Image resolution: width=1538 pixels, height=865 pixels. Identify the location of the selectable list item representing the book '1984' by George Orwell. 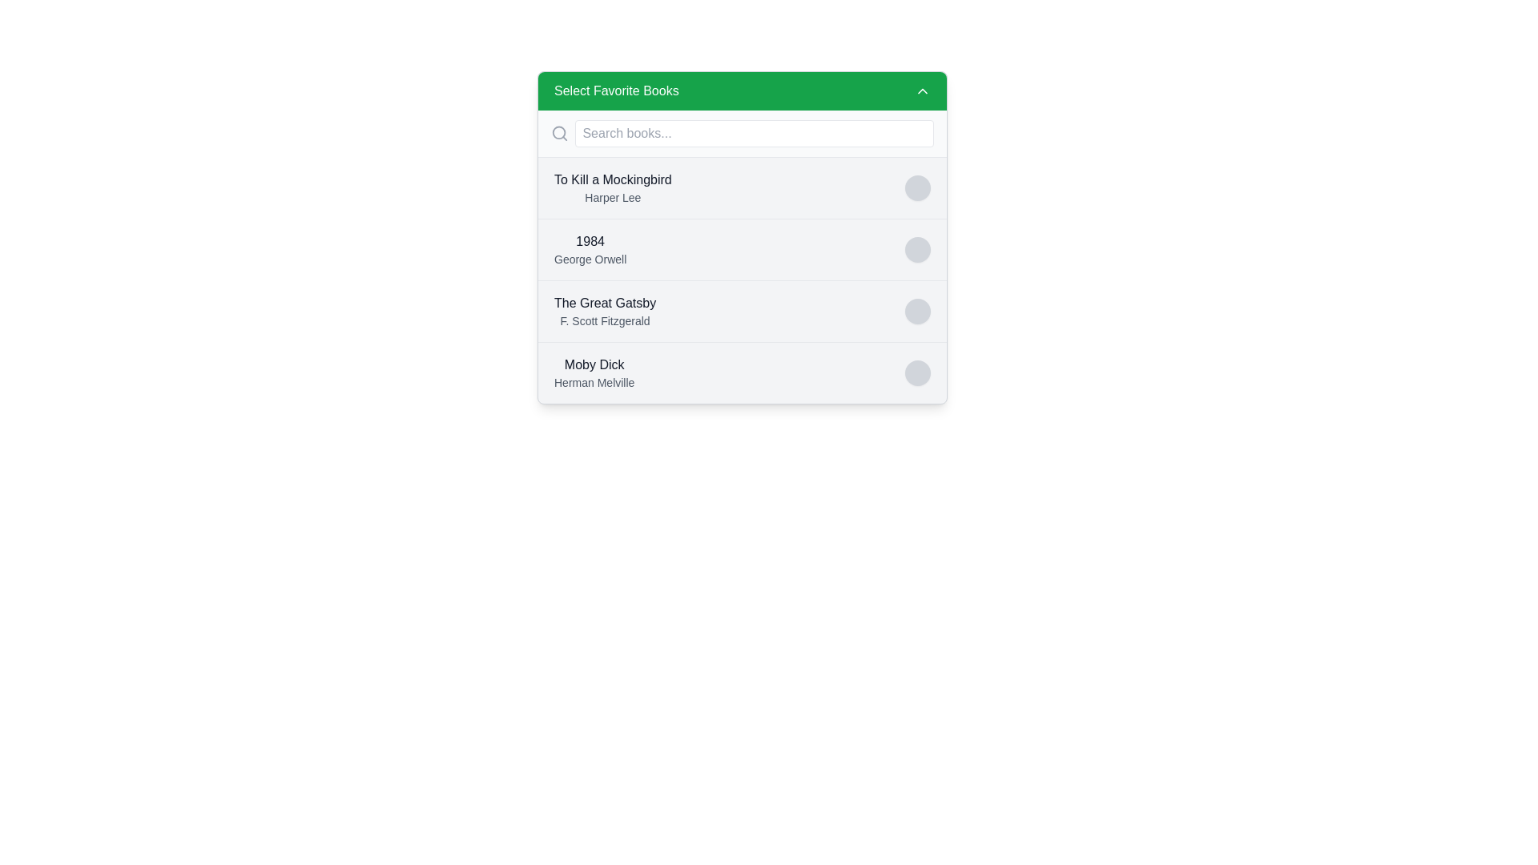
(590, 250).